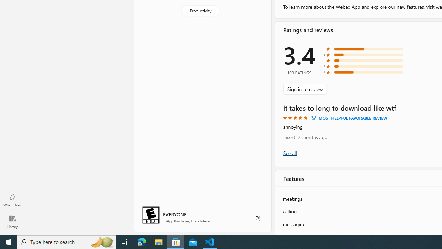 This screenshot has height=249, width=442. I want to click on 'Age rating: EVERYONE. Click for more information.', so click(175, 214).